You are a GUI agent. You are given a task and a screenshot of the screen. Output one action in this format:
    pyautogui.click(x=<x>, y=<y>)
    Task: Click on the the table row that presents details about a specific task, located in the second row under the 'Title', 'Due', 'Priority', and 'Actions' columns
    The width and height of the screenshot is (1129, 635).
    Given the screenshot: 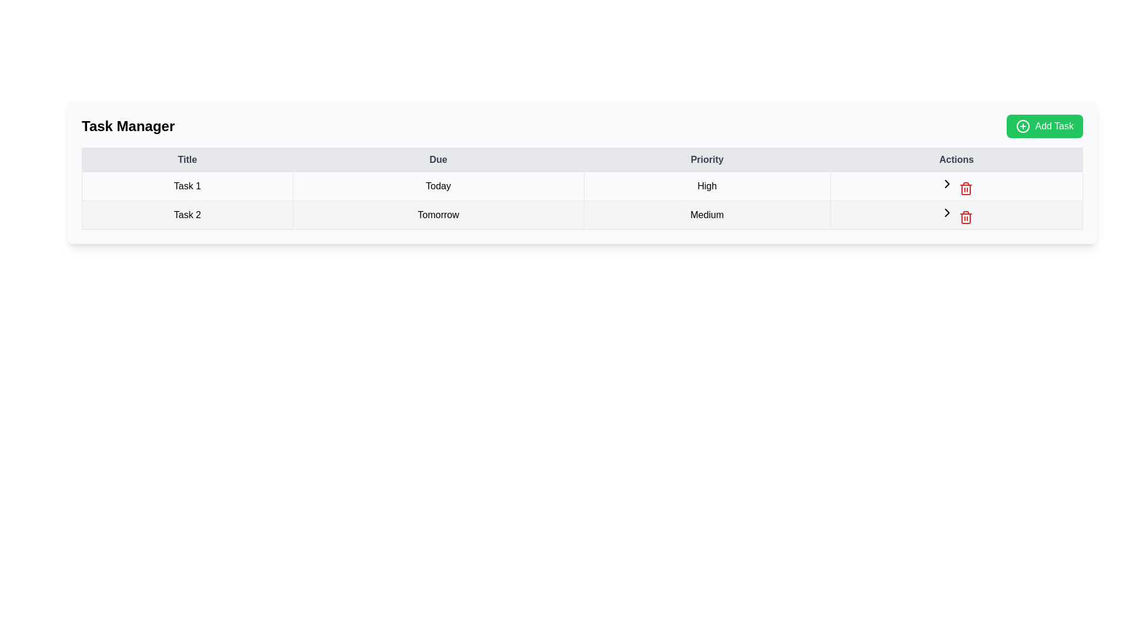 What is the action you would take?
    pyautogui.click(x=582, y=215)
    